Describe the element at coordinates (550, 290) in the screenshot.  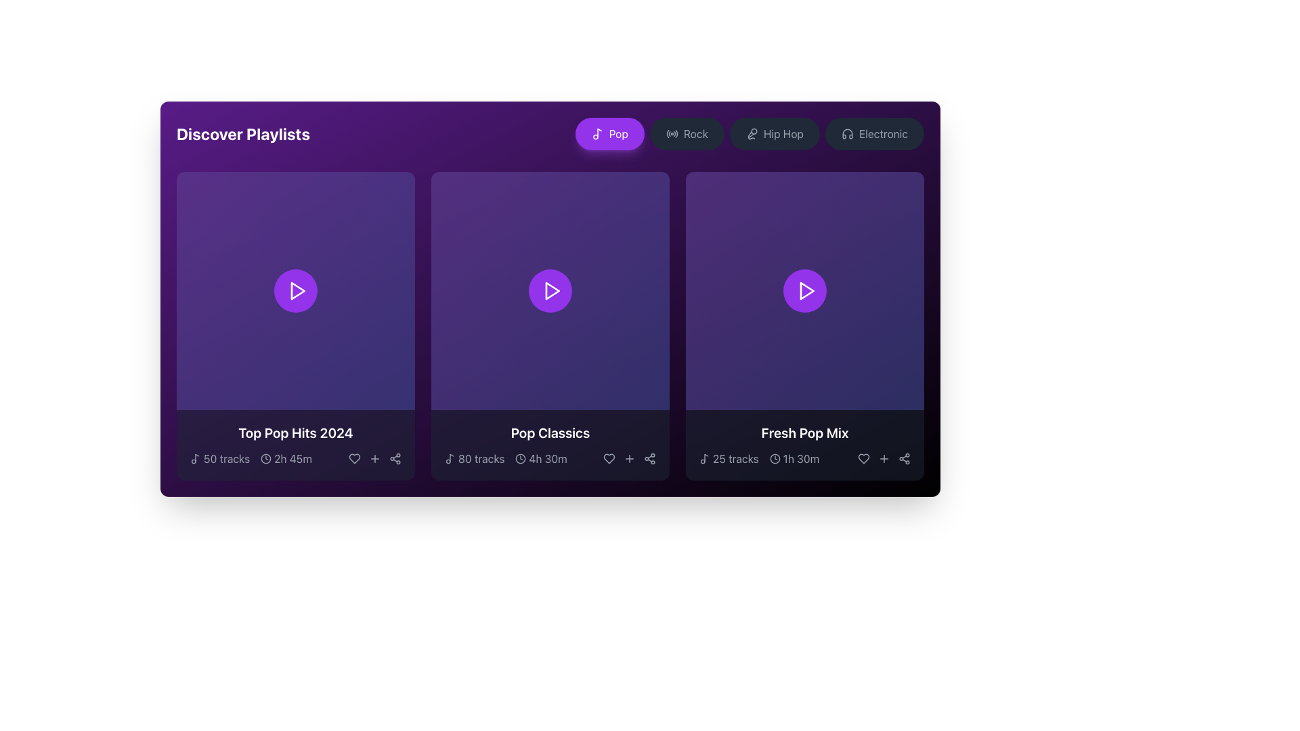
I see `the second button in the 'Pop Classics' playlist card to initiate playback` at that location.